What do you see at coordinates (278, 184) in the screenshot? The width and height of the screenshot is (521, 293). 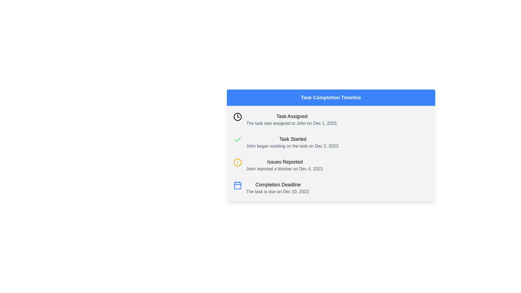 I see `bold text label that says 'Completion Deadline', located in the panel labeled 'Task Completion Timeline' and positioned above the descriptive text about the task due date` at bounding box center [278, 184].